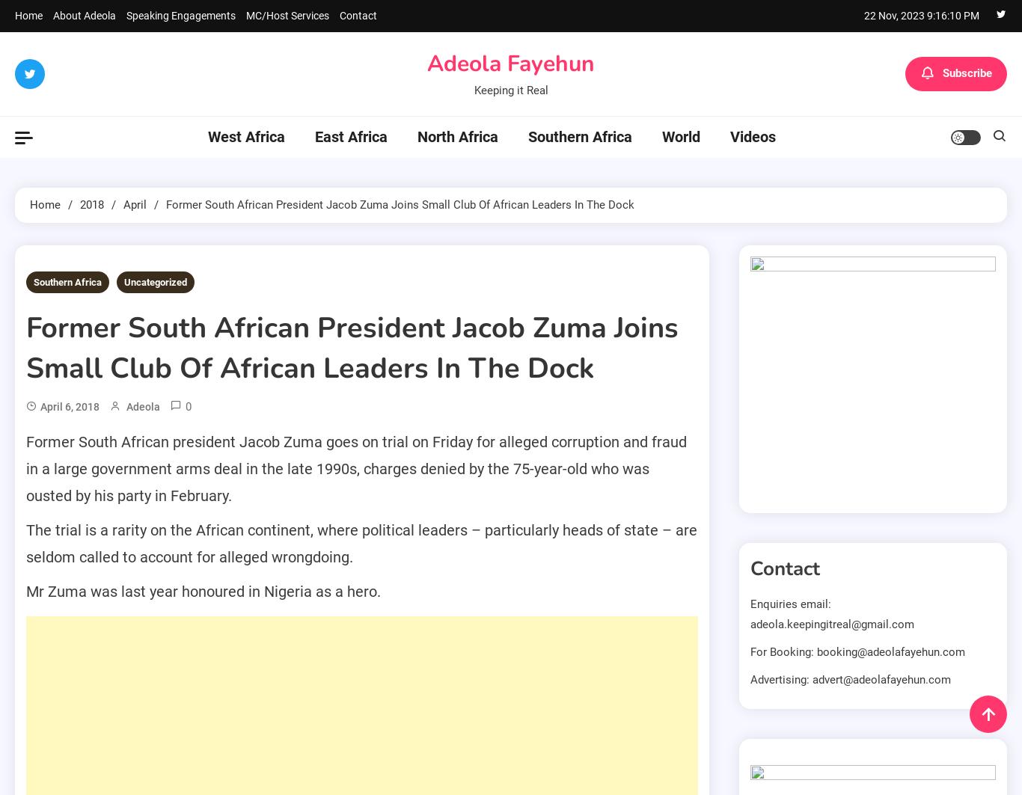 The width and height of the screenshot is (1022, 795). Describe the element at coordinates (358, 16) in the screenshot. I see `'Contact'` at that location.